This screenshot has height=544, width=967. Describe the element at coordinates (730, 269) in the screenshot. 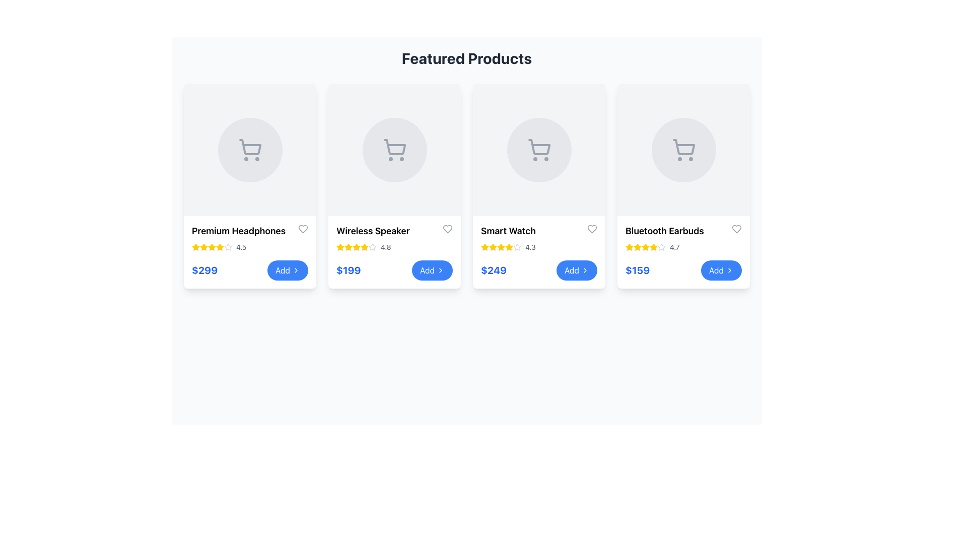

I see `the right-pointing arrow icon on the blue 'Add' button for 'Bluetooth Earbuds' to initiate the command associated with this button` at that location.